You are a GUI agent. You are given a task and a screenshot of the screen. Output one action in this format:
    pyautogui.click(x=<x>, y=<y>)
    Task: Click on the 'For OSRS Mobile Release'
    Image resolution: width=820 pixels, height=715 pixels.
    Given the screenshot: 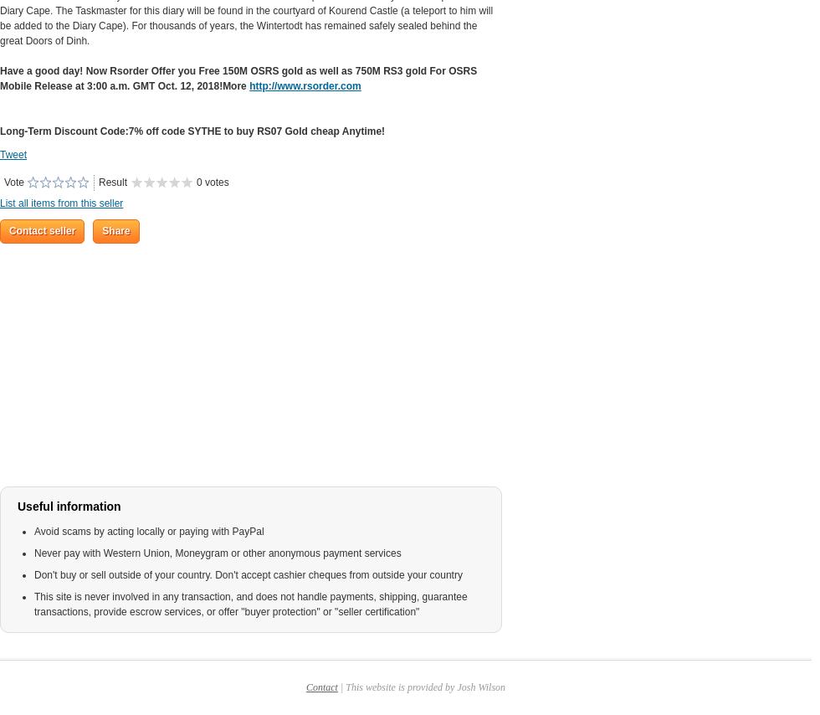 What is the action you would take?
    pyautogui.click(x=238, y=79)
    